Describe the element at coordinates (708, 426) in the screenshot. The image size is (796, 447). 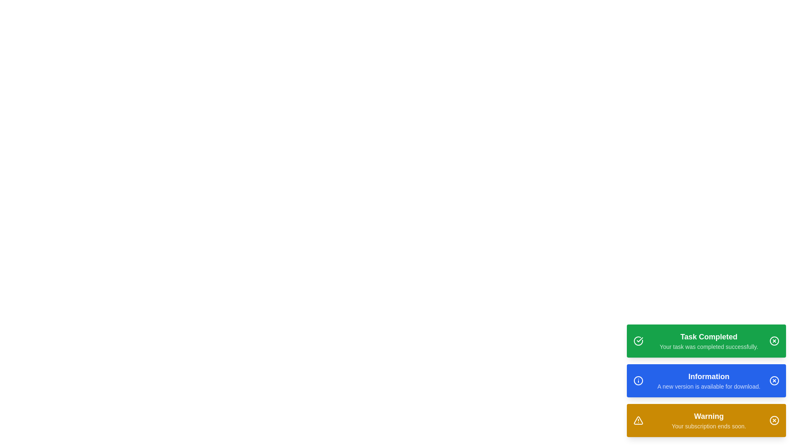
I see `text displayed as 'Your subscription ends soon.' which is positioned directly below the 'Warning' title in the notification block` at that location.